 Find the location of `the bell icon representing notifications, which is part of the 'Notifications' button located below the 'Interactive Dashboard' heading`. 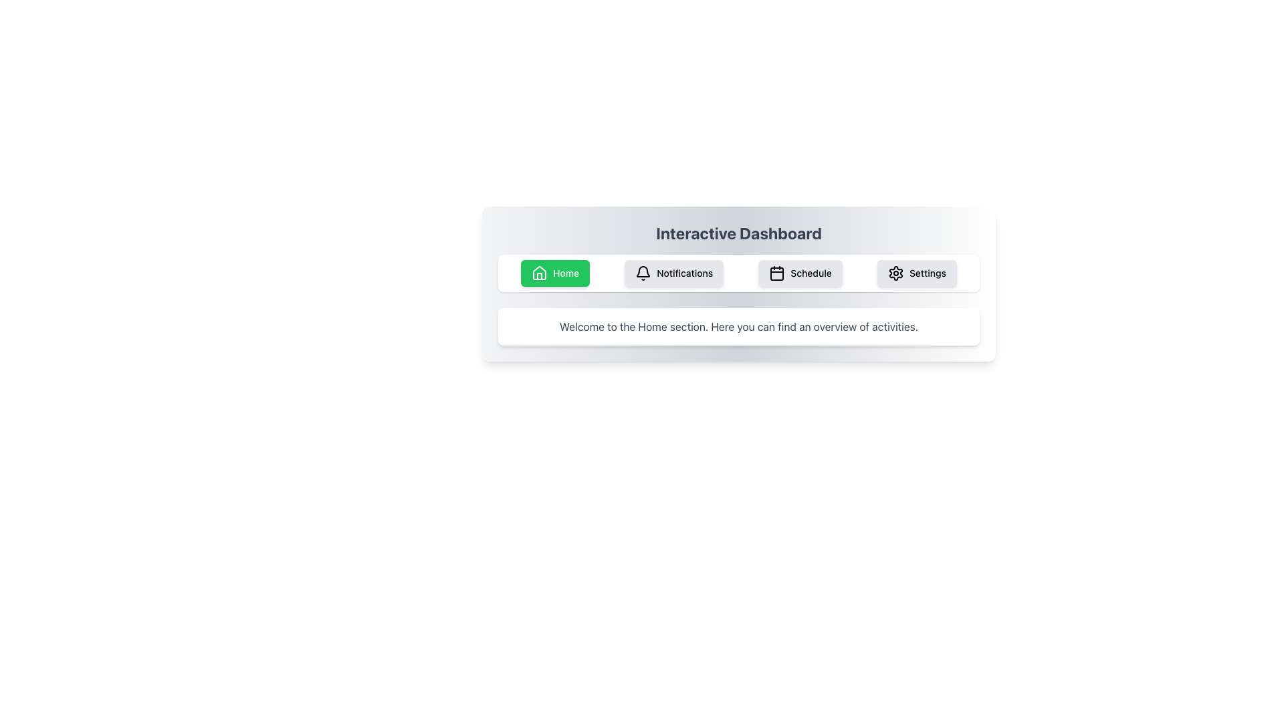

the bell icon representing notifications, which is part of the 'Notifications' button located below the 'Interactive Dashboard' heading is located at coordinates (643, 272).